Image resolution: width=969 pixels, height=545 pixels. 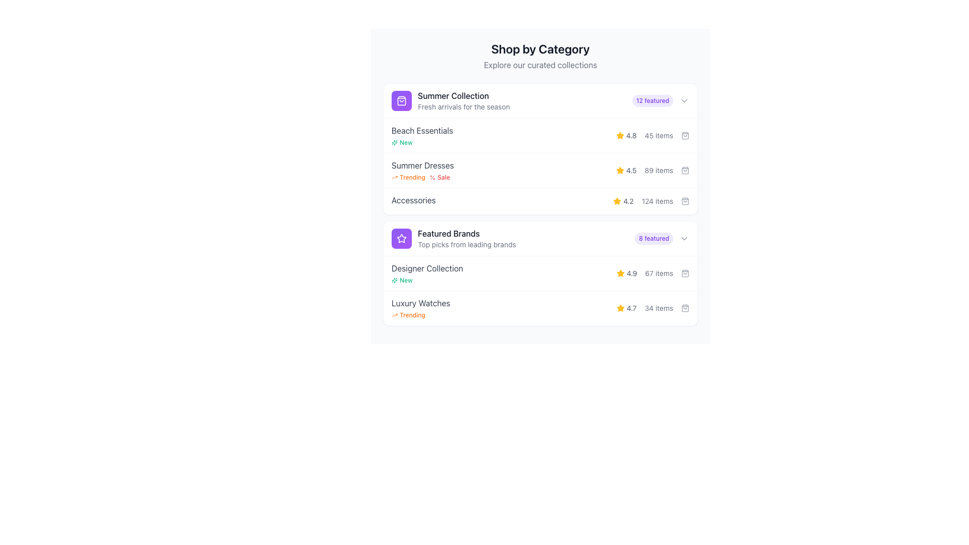 I want to click on the text label that identifies the section 'Accessories', which is the third item in the vertical list under 'Summer Collection', so click(x=413, y=200).